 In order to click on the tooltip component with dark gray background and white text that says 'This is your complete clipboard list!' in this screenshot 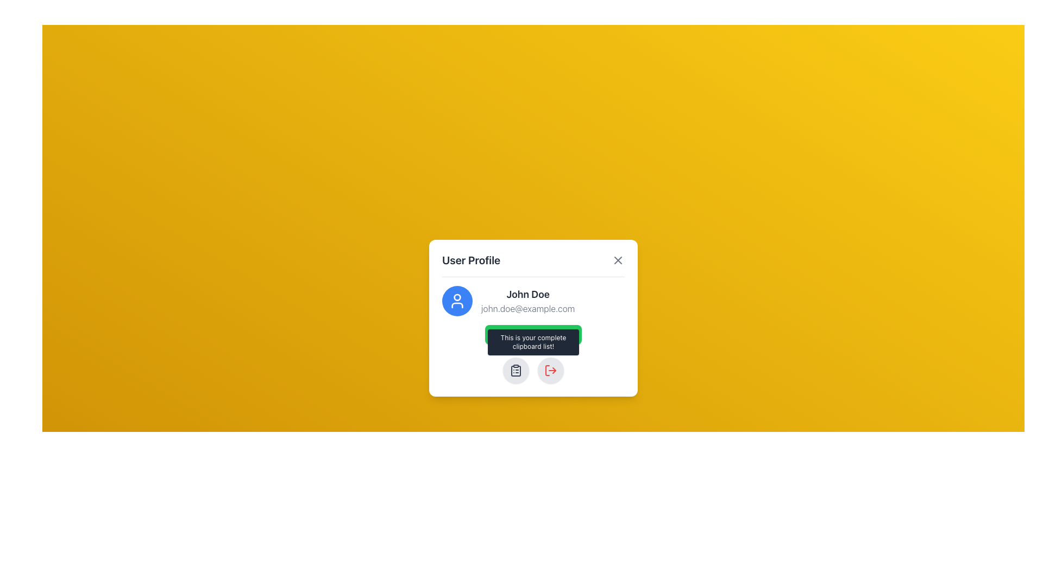, I will do `click(533, 342)`.